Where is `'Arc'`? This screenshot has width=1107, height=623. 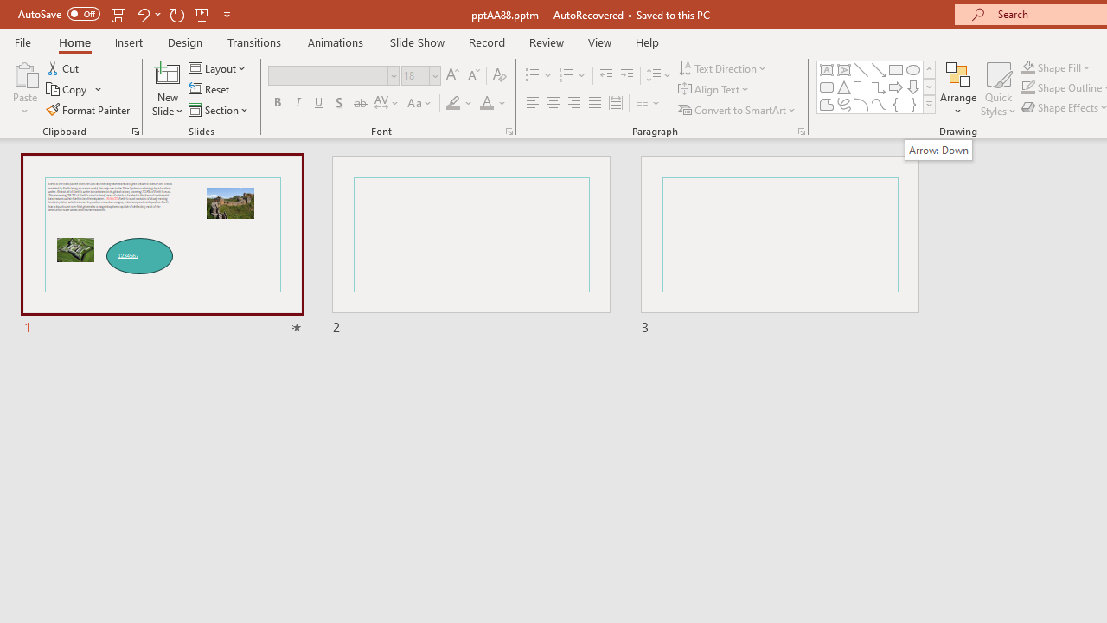 'Arc' is located at coordinates (861, 104).